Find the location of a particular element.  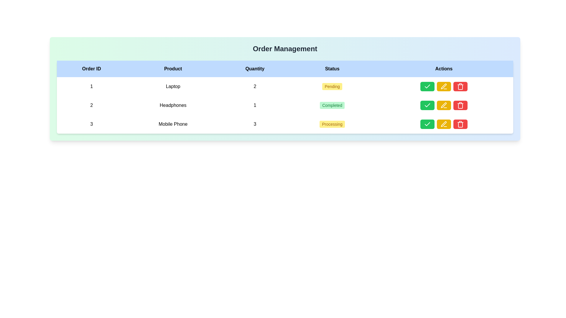

the pen-shaped SVG icon within the 'Actions' column of the table using keyboard navigation is located at coordinates (444, 124).